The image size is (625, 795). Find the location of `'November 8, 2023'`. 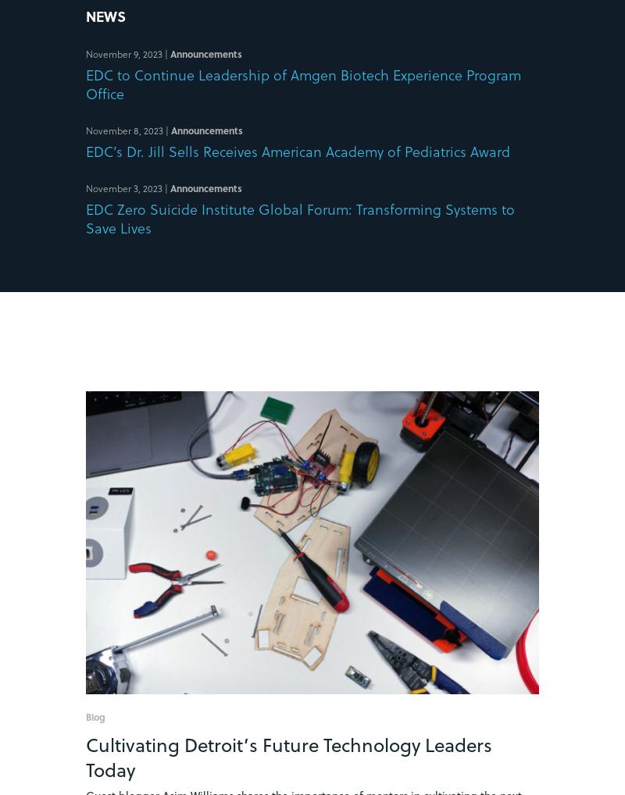

'November 8, 2023' is located at coordinates (124, 133).